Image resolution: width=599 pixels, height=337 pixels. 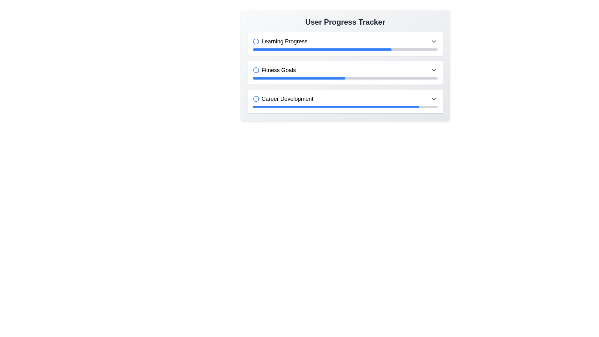 I want to click on the downward-pointing arrow icon button located at the far right of the 'Fitness Goals' section, so click(x=433, y=70).